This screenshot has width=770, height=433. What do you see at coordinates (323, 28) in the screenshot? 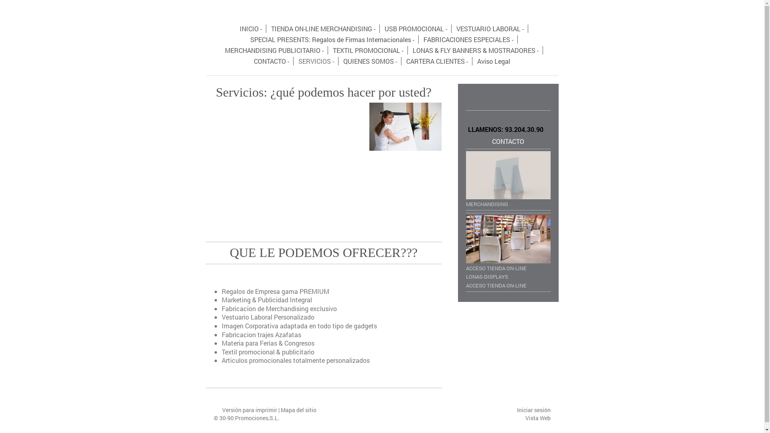
I see `'TIENDA ON-LINE MERCHANDISING -'` at bounding box center [323, 28].